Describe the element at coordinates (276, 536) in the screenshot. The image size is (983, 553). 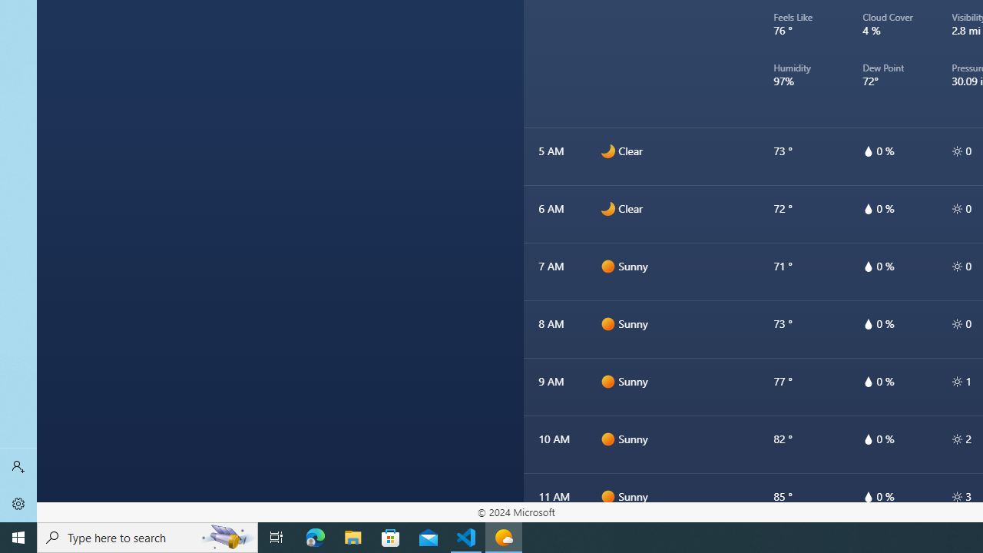
I see `'Task View'` at that location.